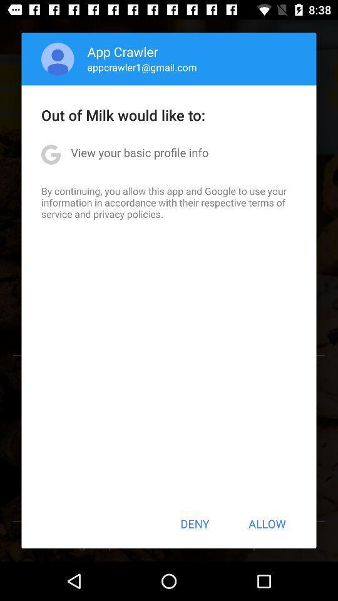  Describe the element at coordinates (139, 152) in the screenshot. I see `the icon below out of milk item` at that location.